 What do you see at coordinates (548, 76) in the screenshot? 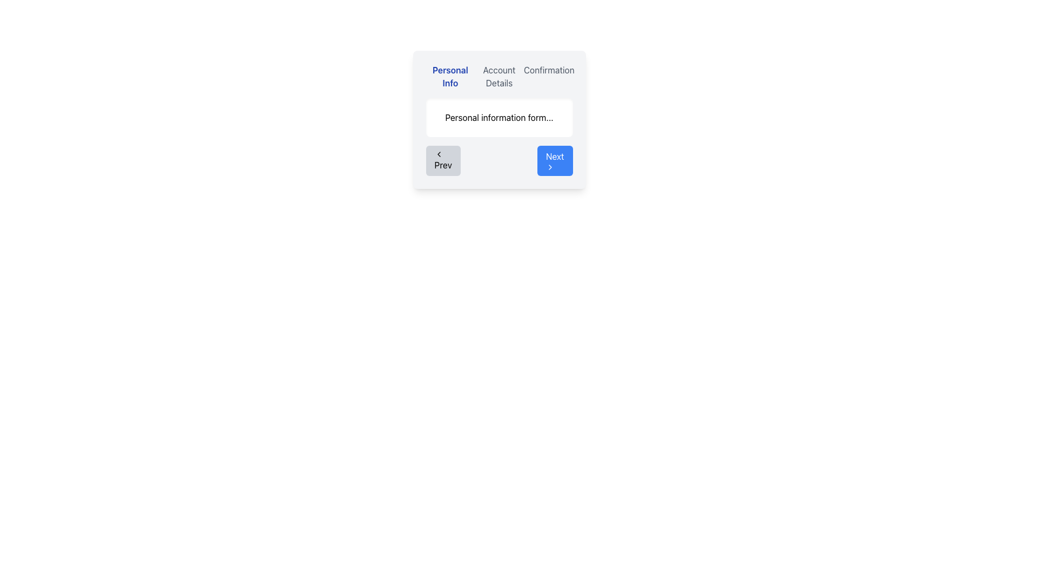
I see `the 'Confirmation' step text label, which is the third and rightmost item in a horizontal layout of three segments at the top of the UI form` at bounding box center [548, 76].